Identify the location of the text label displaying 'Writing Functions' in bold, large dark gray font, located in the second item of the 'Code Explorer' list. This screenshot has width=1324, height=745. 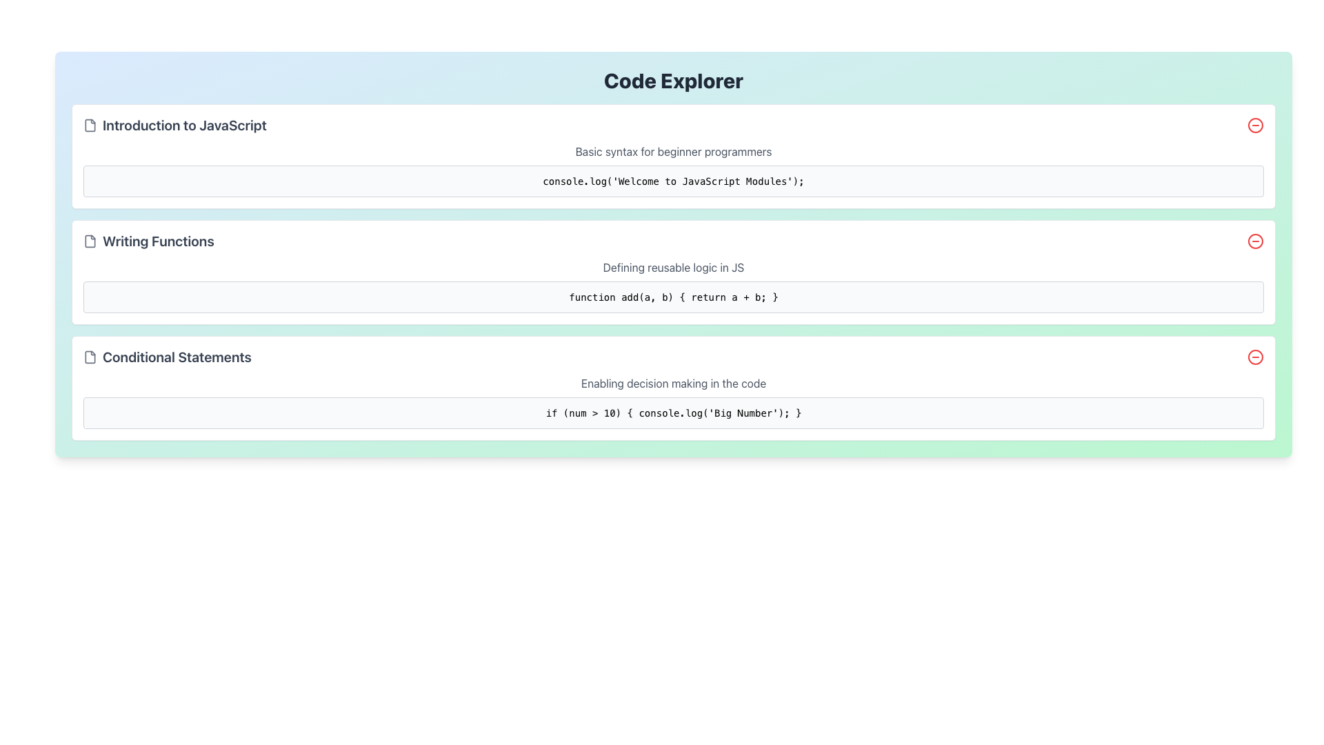
(158, 241).